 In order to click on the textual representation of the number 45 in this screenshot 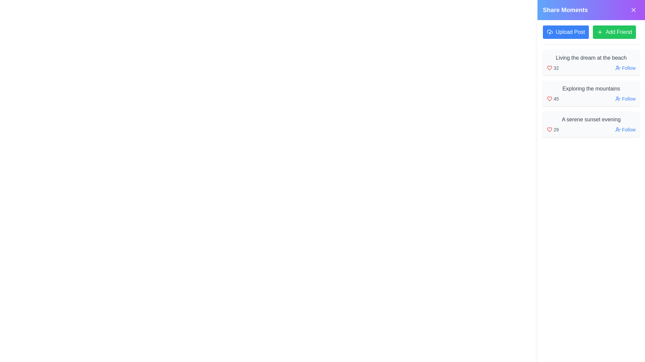, I will do `click(553, 99)`.